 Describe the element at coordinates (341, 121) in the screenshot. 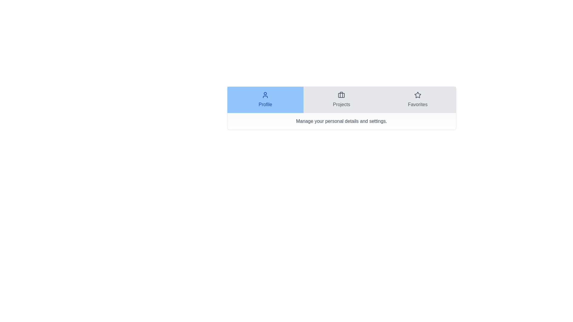

I see `the content area of the active tab to focus on it` at that location.